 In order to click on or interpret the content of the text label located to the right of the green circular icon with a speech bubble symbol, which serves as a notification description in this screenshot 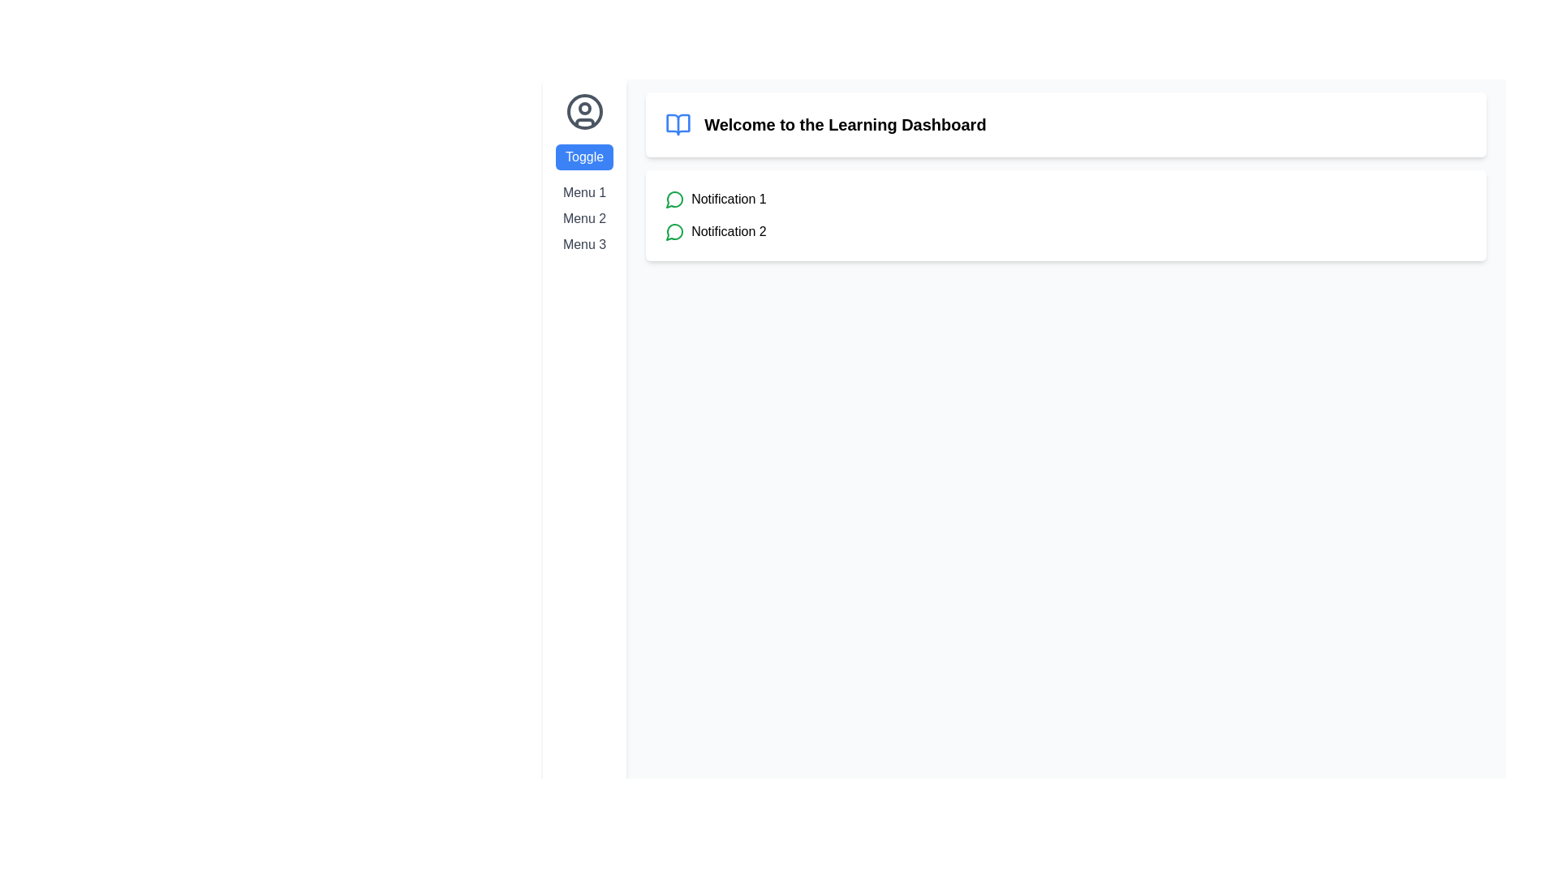, I will do `click(728, 199)`.